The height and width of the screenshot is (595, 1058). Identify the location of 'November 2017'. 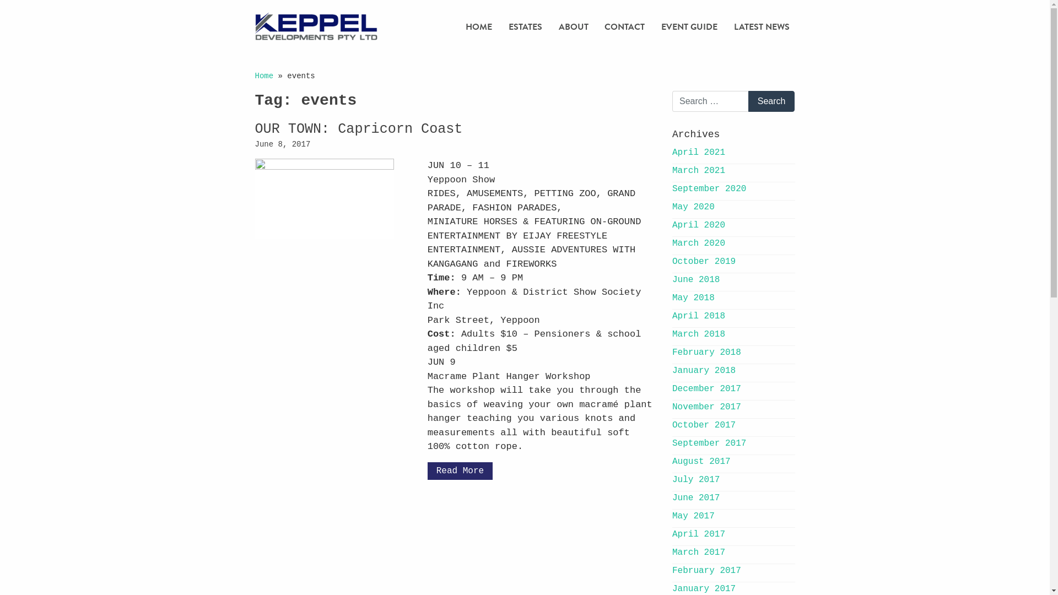
(706, 407).